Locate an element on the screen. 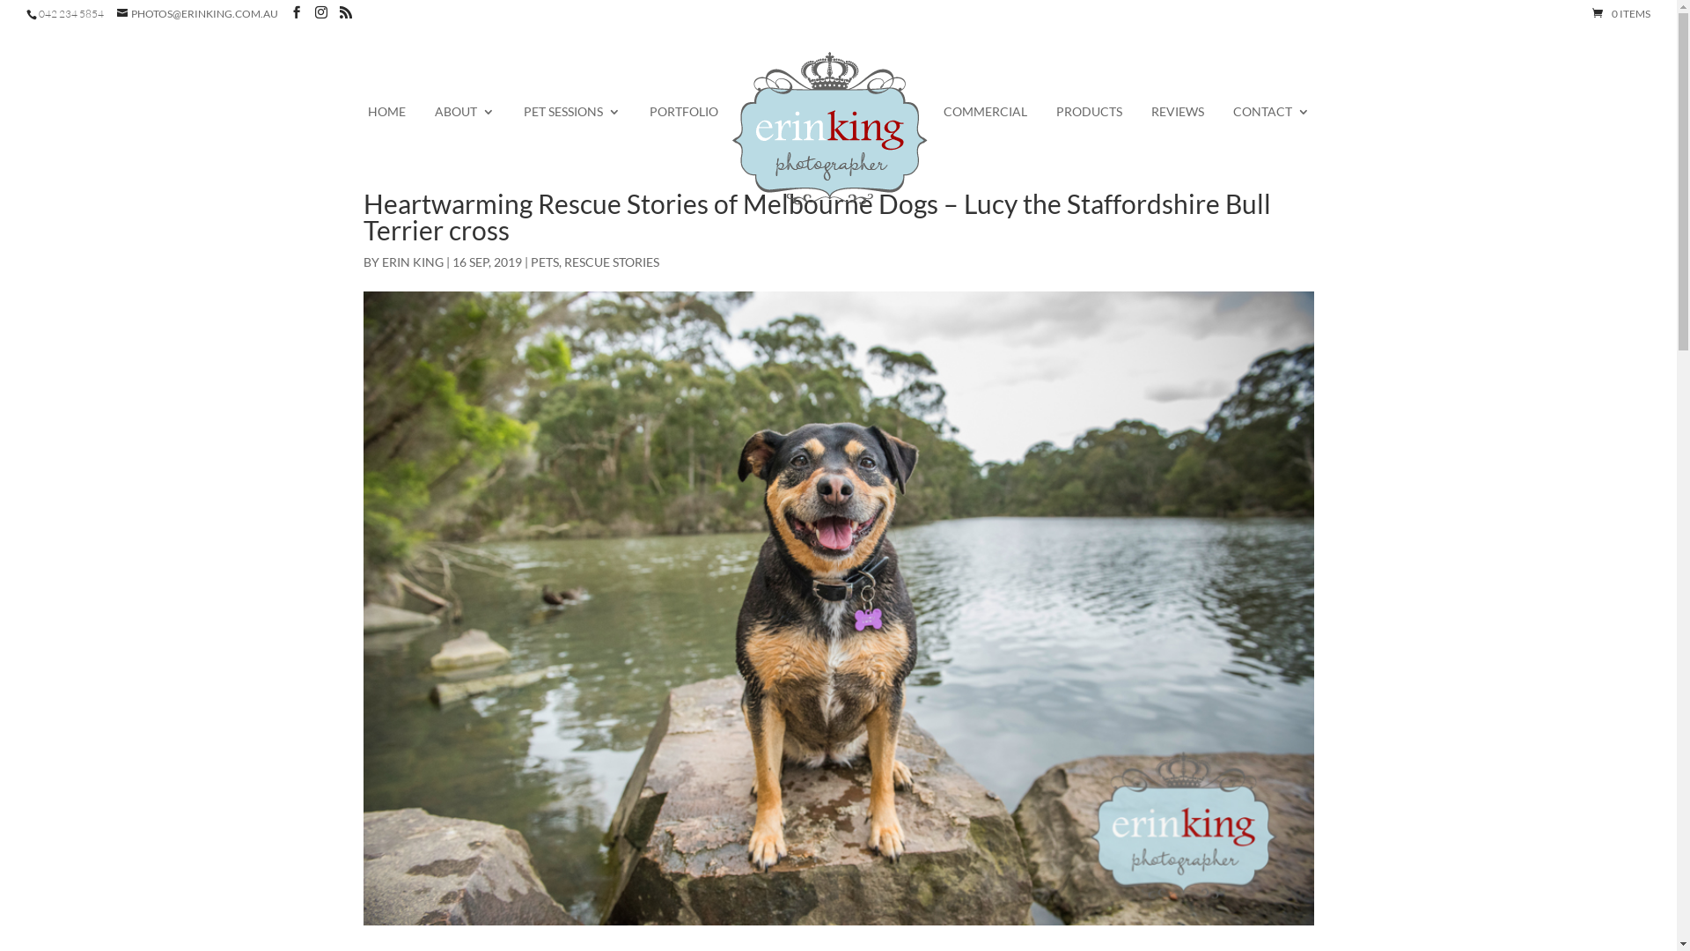 The image size is (1690, 951). 'ERIN KING' is located at coordinates (412, 262).